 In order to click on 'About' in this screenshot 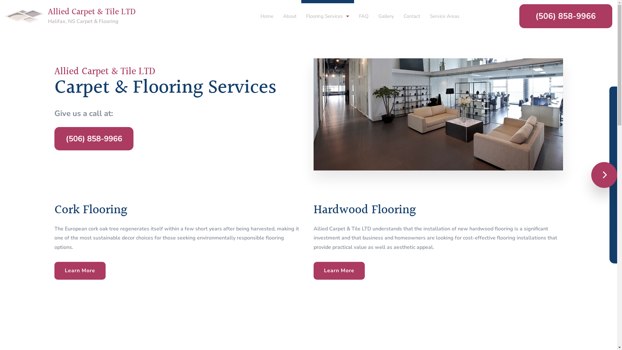, I will do `click(289, 12)`.